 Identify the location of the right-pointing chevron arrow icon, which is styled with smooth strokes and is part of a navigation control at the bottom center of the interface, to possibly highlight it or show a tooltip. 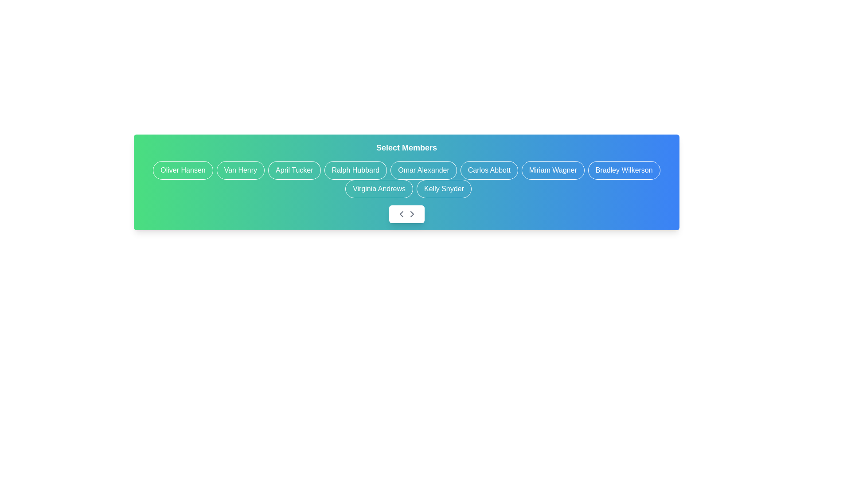
(411, 214).